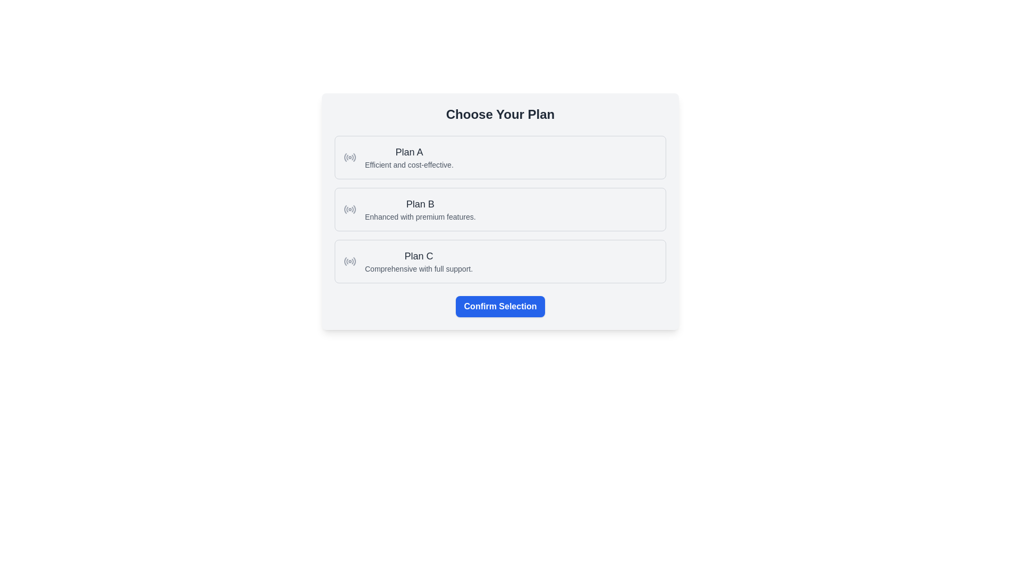 Image resolution: width=1020 pixels, height=573 pixels. What do you see at coordinates (420, 204) in the screenshot?
I see `the text label that identifies the second option in the selection list under the header 'Choose Your Plan', positioned above the description 'Enhanced with premium features'` at bounding box center [420, 204].